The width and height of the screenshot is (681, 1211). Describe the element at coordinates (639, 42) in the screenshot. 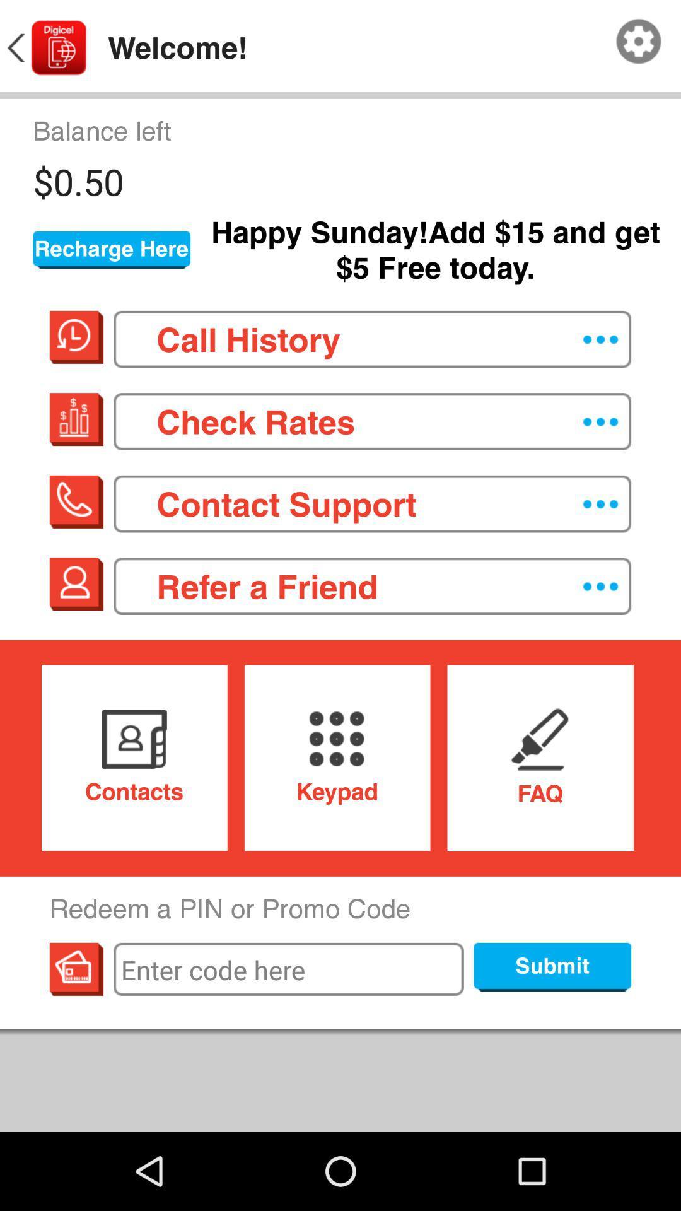

I see `deploy app settings` at that location.